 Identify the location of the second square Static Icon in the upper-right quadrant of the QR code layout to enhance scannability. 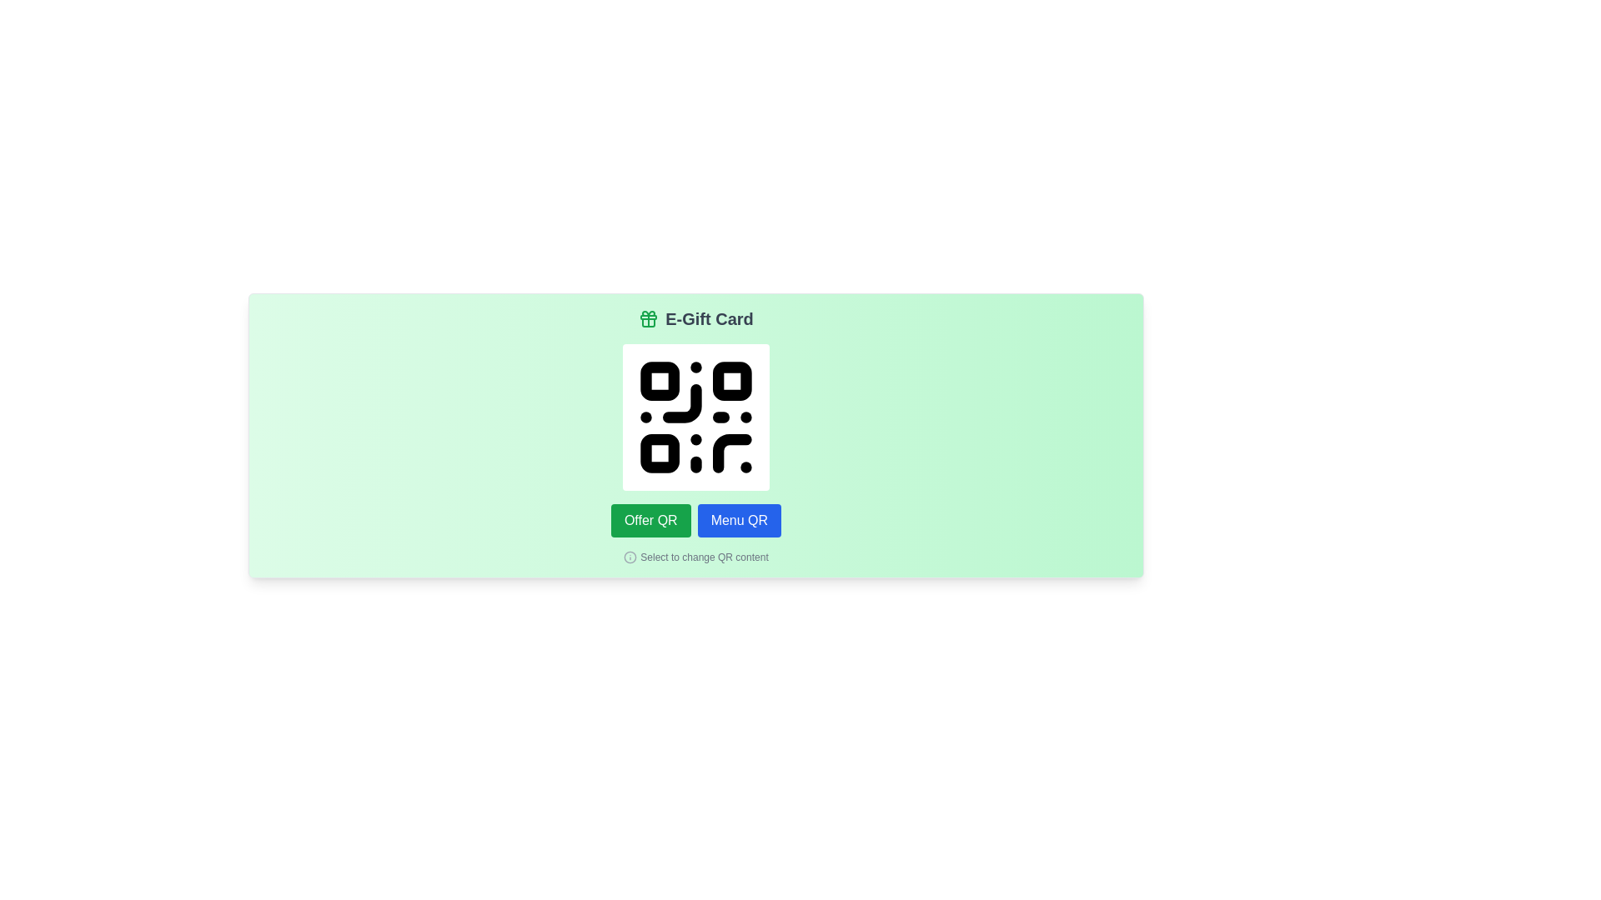
(732, 381).